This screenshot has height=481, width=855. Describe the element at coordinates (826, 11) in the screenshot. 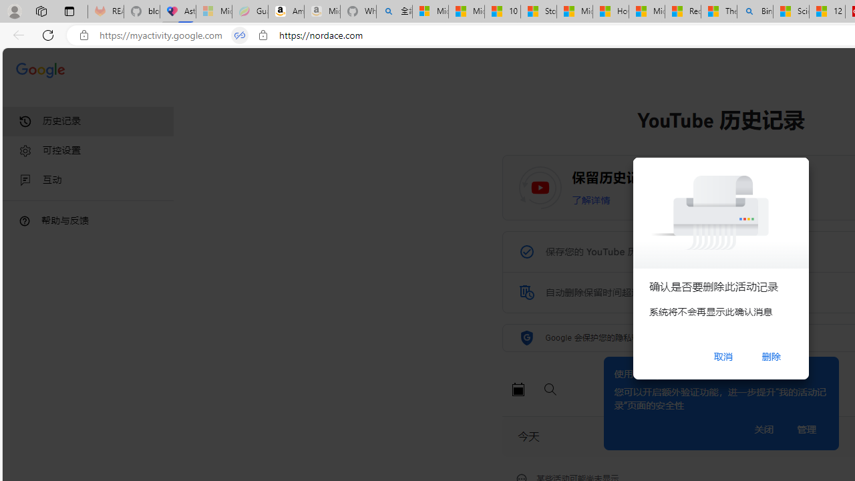

I see `'12 Popular Science Lies that Must be Corrected'` at that location.